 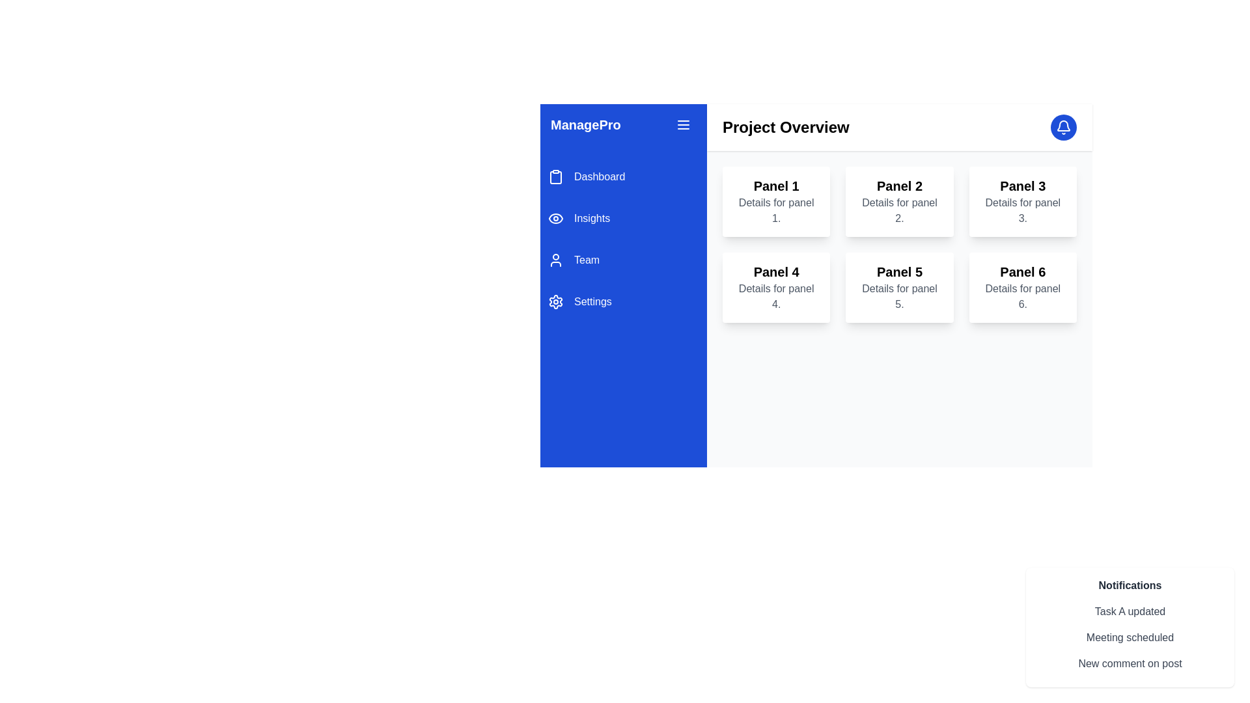 I want to click on text of the 'Settings' label in the navigation menu, which indicates the settings functionality and is located to the right of the gear icon as the fourth entry in the navigation list, so click(x=592, y=301).